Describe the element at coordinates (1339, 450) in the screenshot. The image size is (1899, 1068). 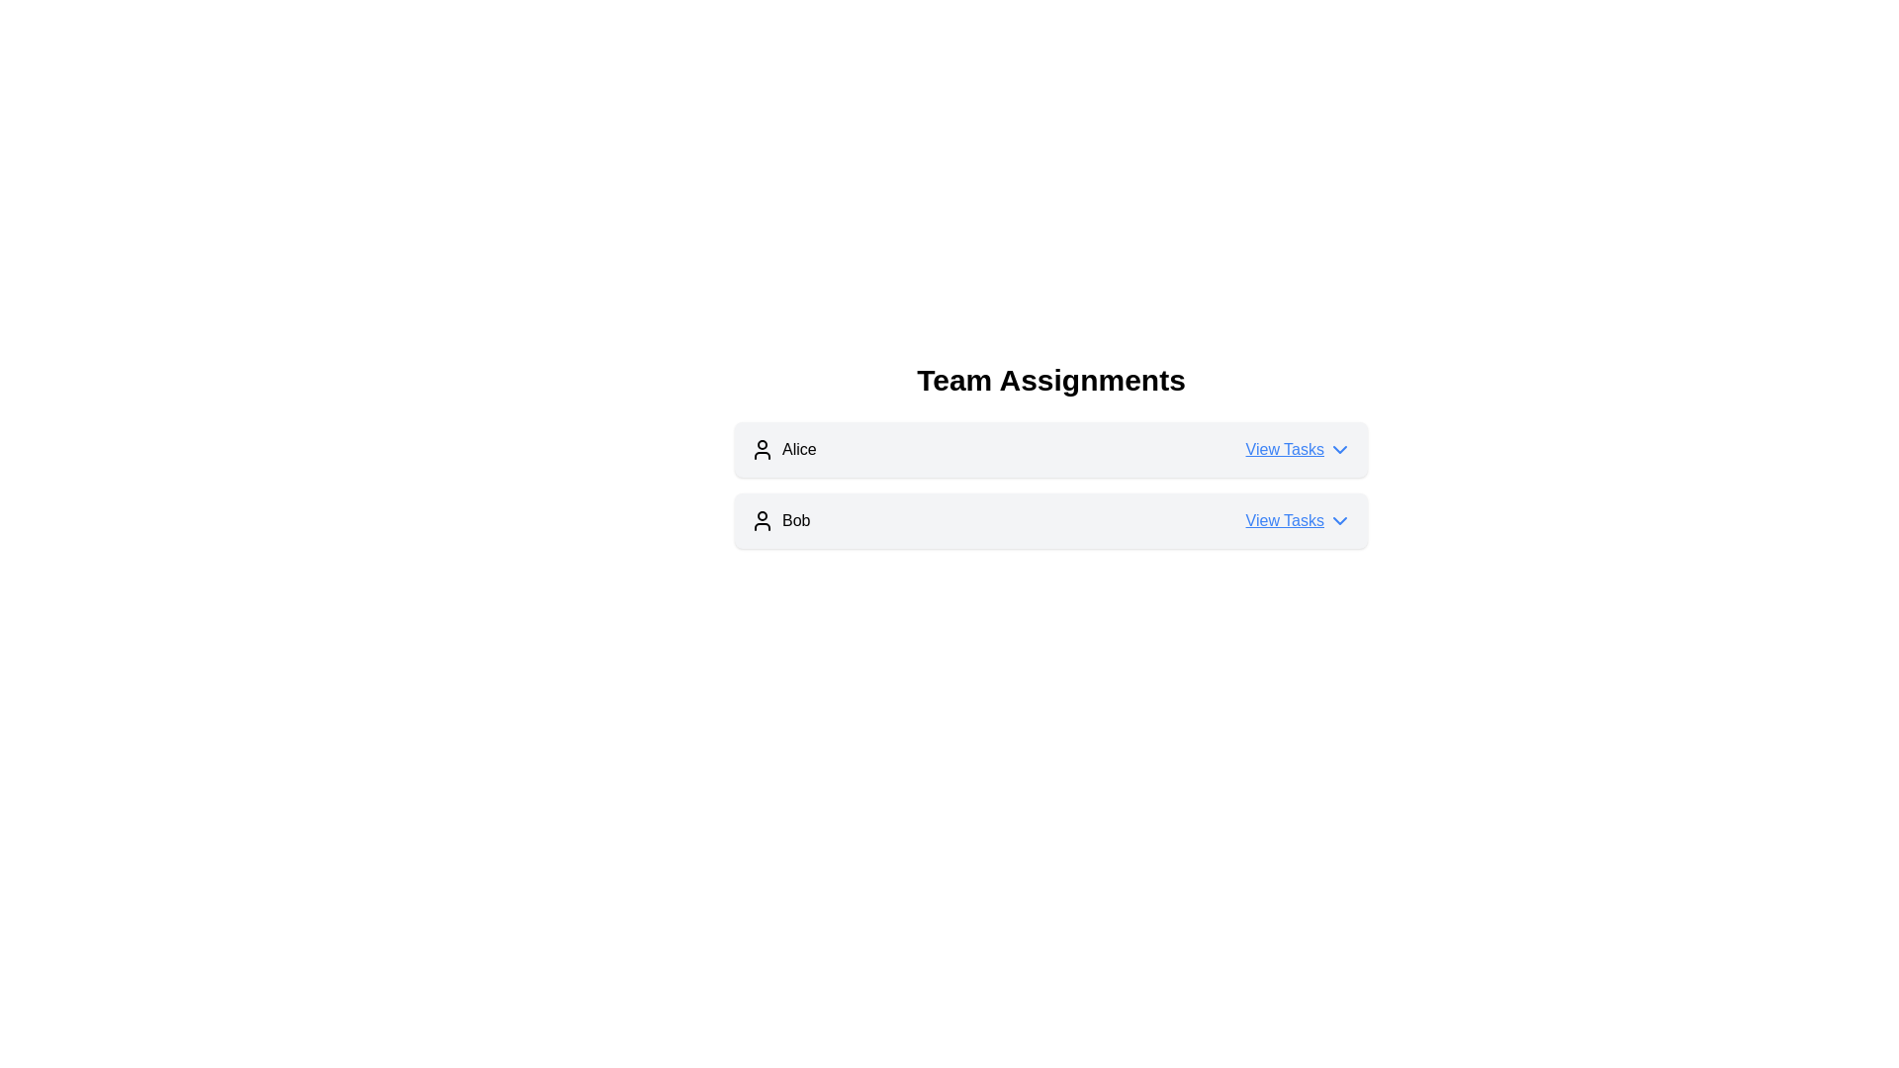
I see `the downward-pointing chevron icon next to the 'View Tasks' link` at that location.